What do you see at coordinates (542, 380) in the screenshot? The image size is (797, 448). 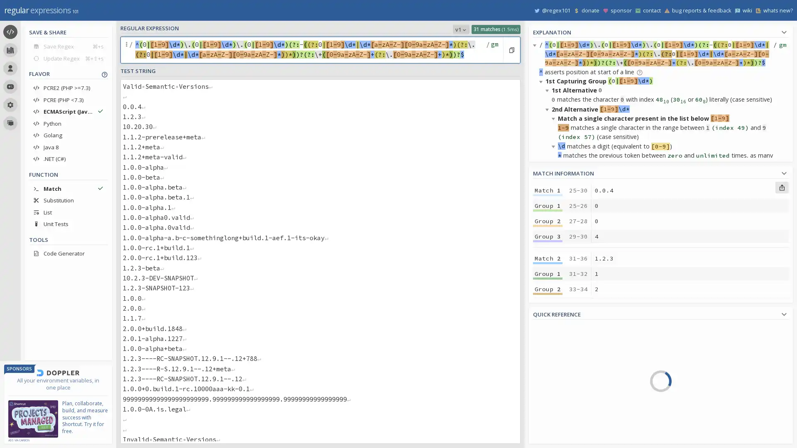 I see `Collapse Subtree` at bounding box center [542, 380].